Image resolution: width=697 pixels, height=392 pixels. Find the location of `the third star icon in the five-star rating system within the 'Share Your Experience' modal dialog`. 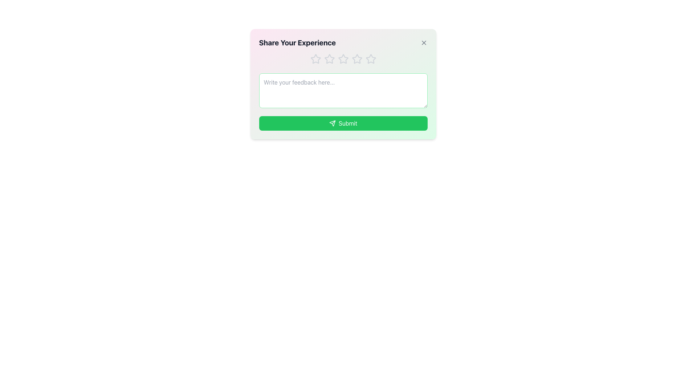

the third star icon in the five-star rating system within the 'Share Your Experience' modal dialog is located at coordinates (343, 58).